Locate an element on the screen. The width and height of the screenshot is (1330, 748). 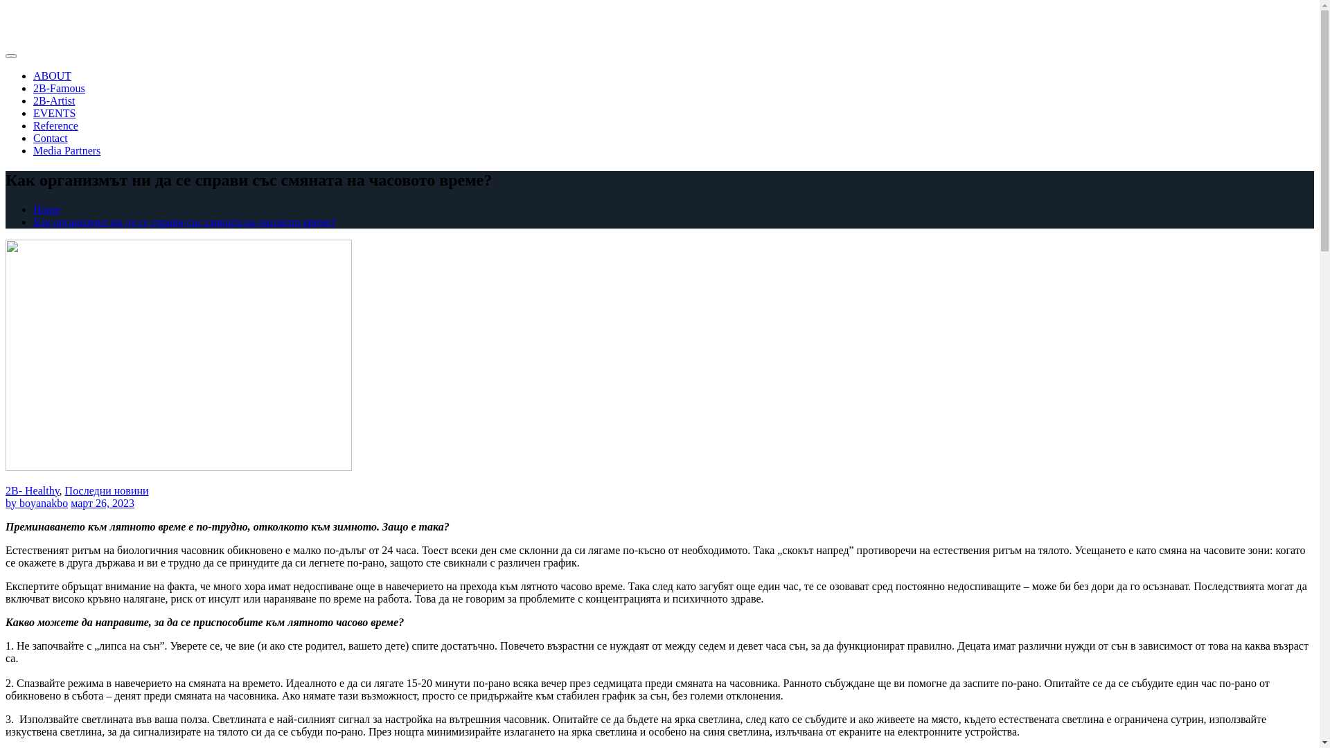
'2B-Artist' is located at coordinates (53, 100).